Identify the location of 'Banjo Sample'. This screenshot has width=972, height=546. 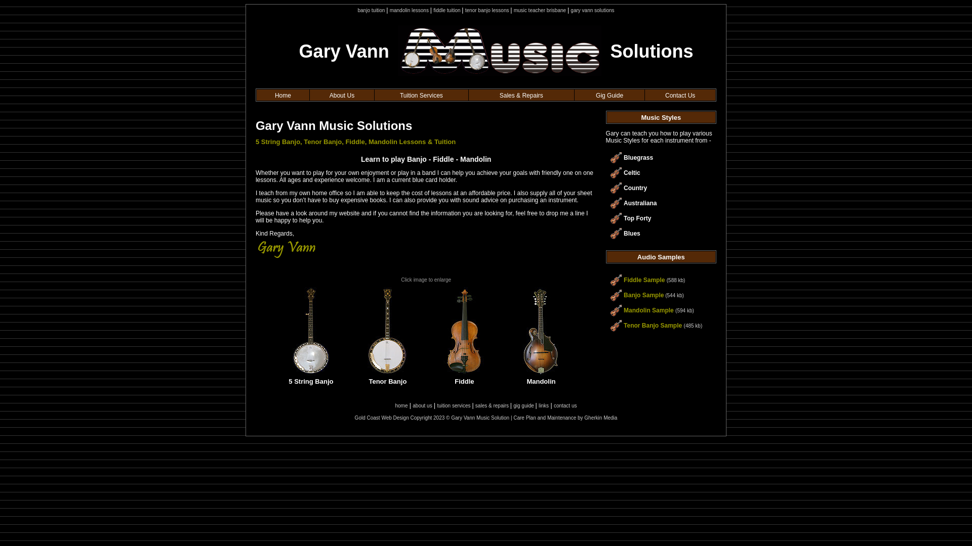
(643, 294).